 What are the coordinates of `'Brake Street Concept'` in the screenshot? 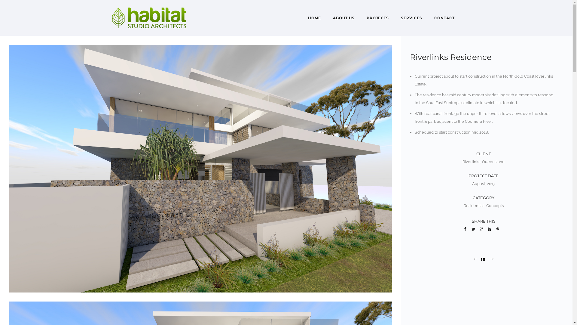 It's located at (475, 259).